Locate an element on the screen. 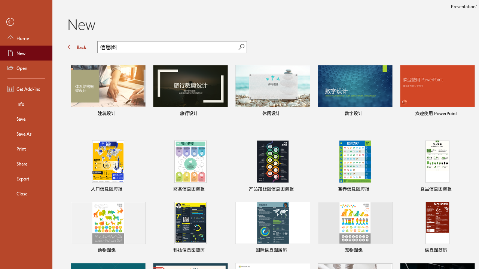 This screenshot has height=269, width=479. 'Pin to list' is located at coordinates (469, 251).